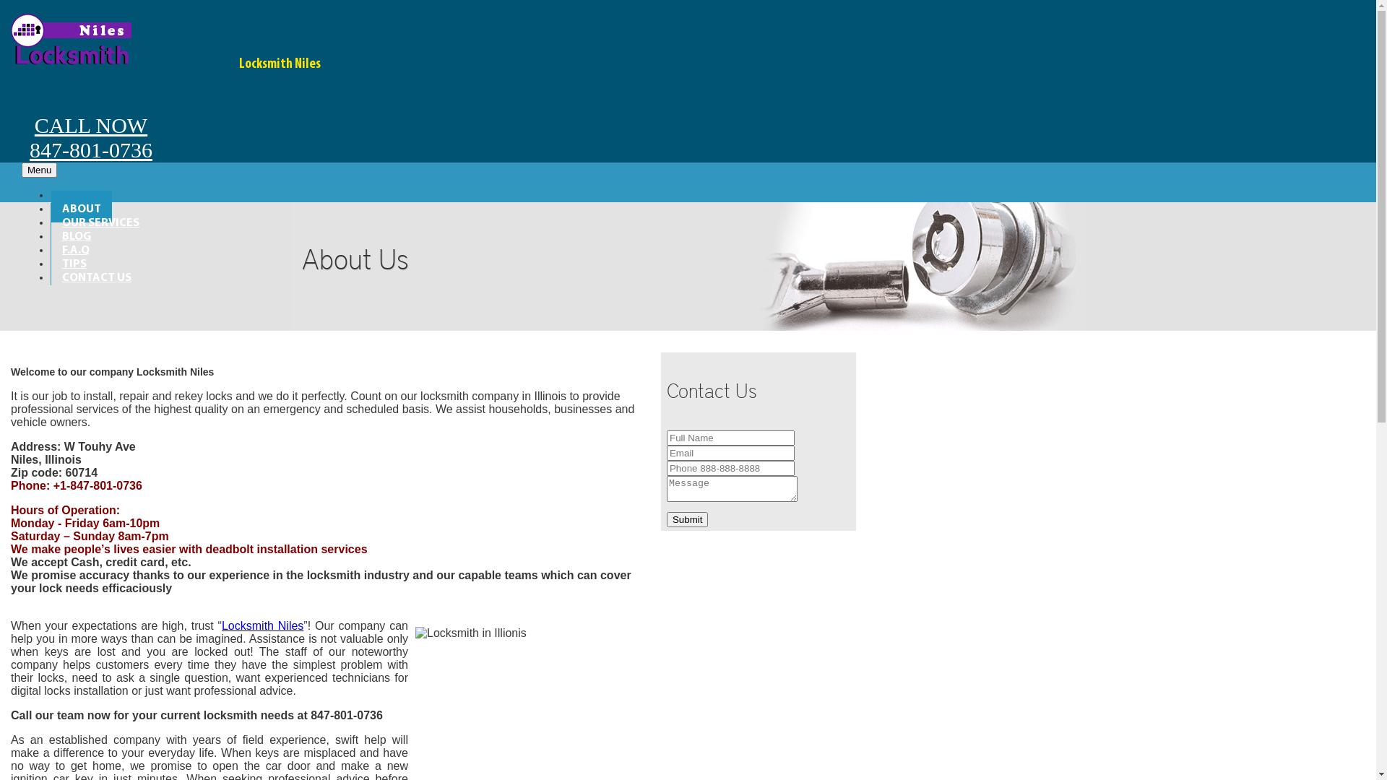 The width and height of the screenshot is (1387, 780). Describe the element at coordinates (262, 625) in the screenshot. I see `'Locksmith Niles'` at that location.